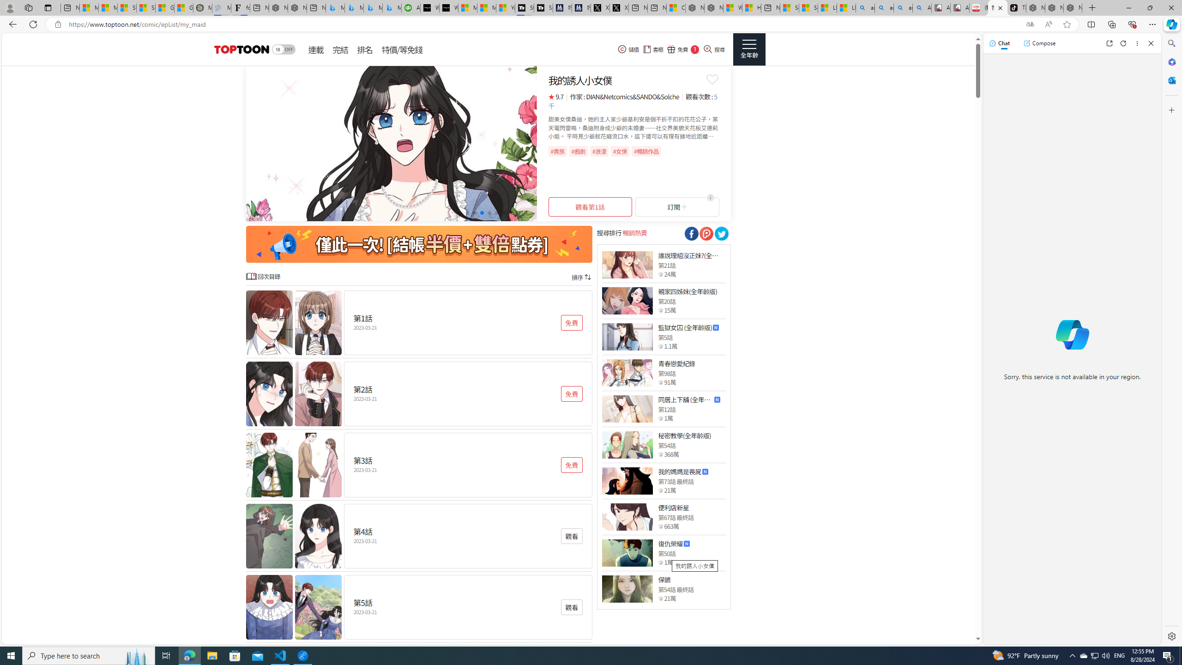 This screenshot has width=1182, height=665. What do you see at coordinates (1073, 7) in the screenshot?
I see `'Nordace - Siena Pro 15 Essential Set'` at bounding box center [1073, 7].